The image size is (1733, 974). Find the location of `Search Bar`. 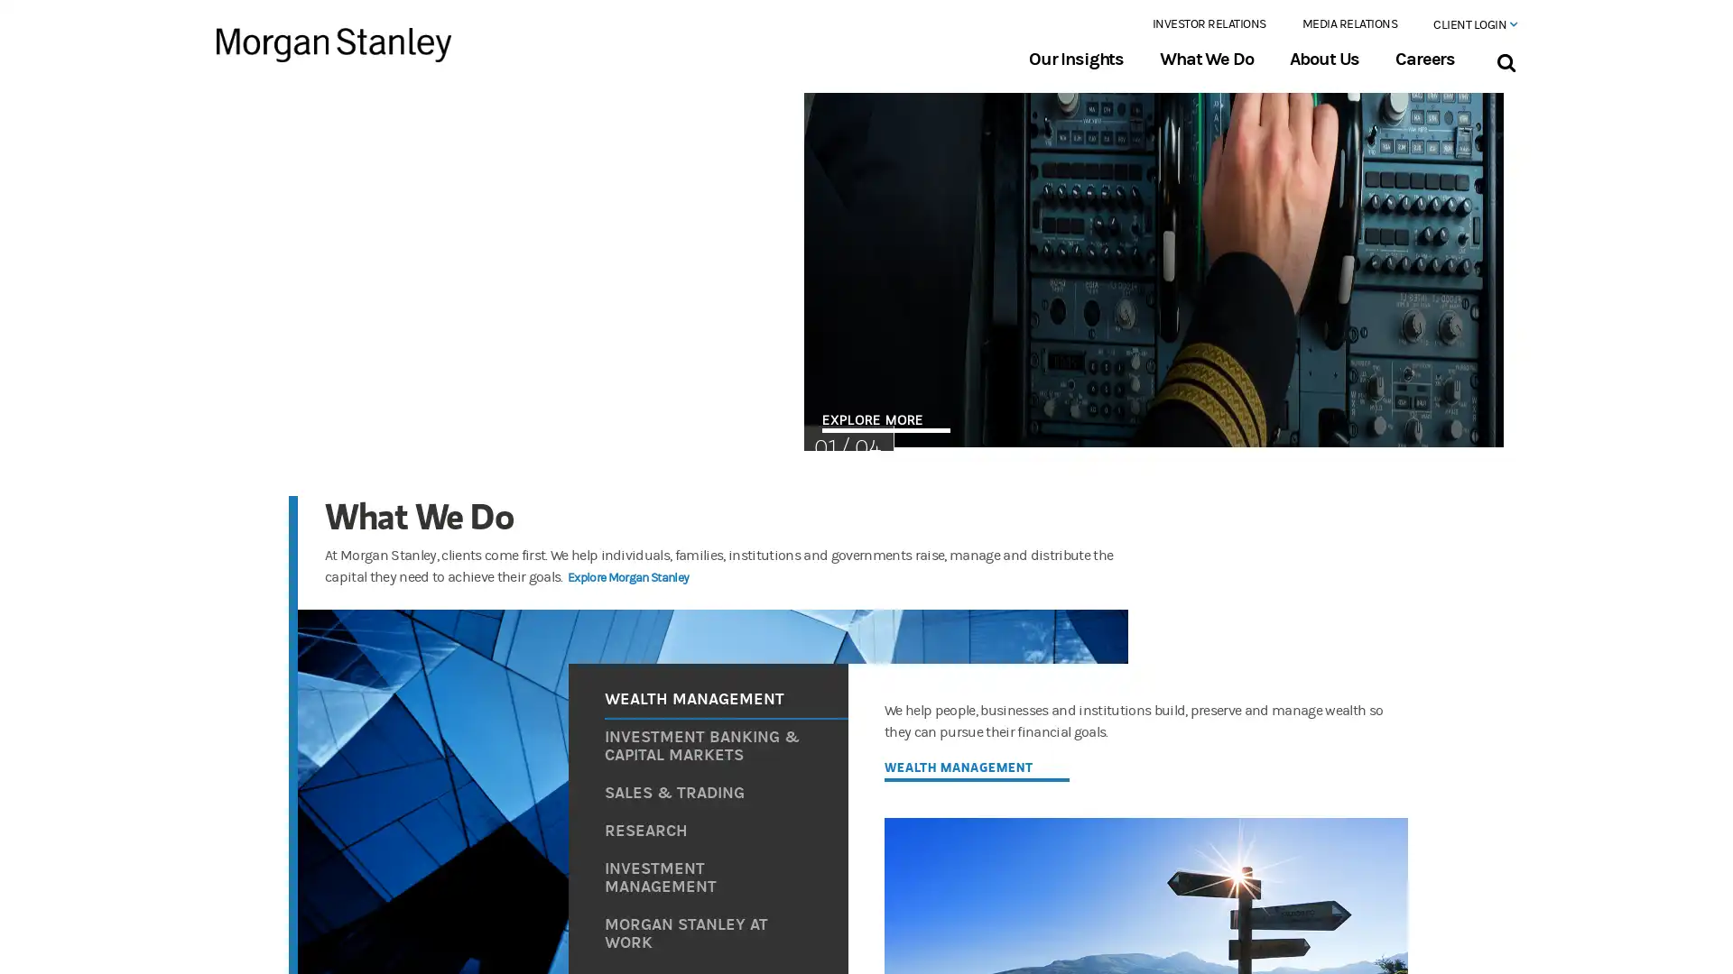

Search Bar is located at coordinates (1506, 58).